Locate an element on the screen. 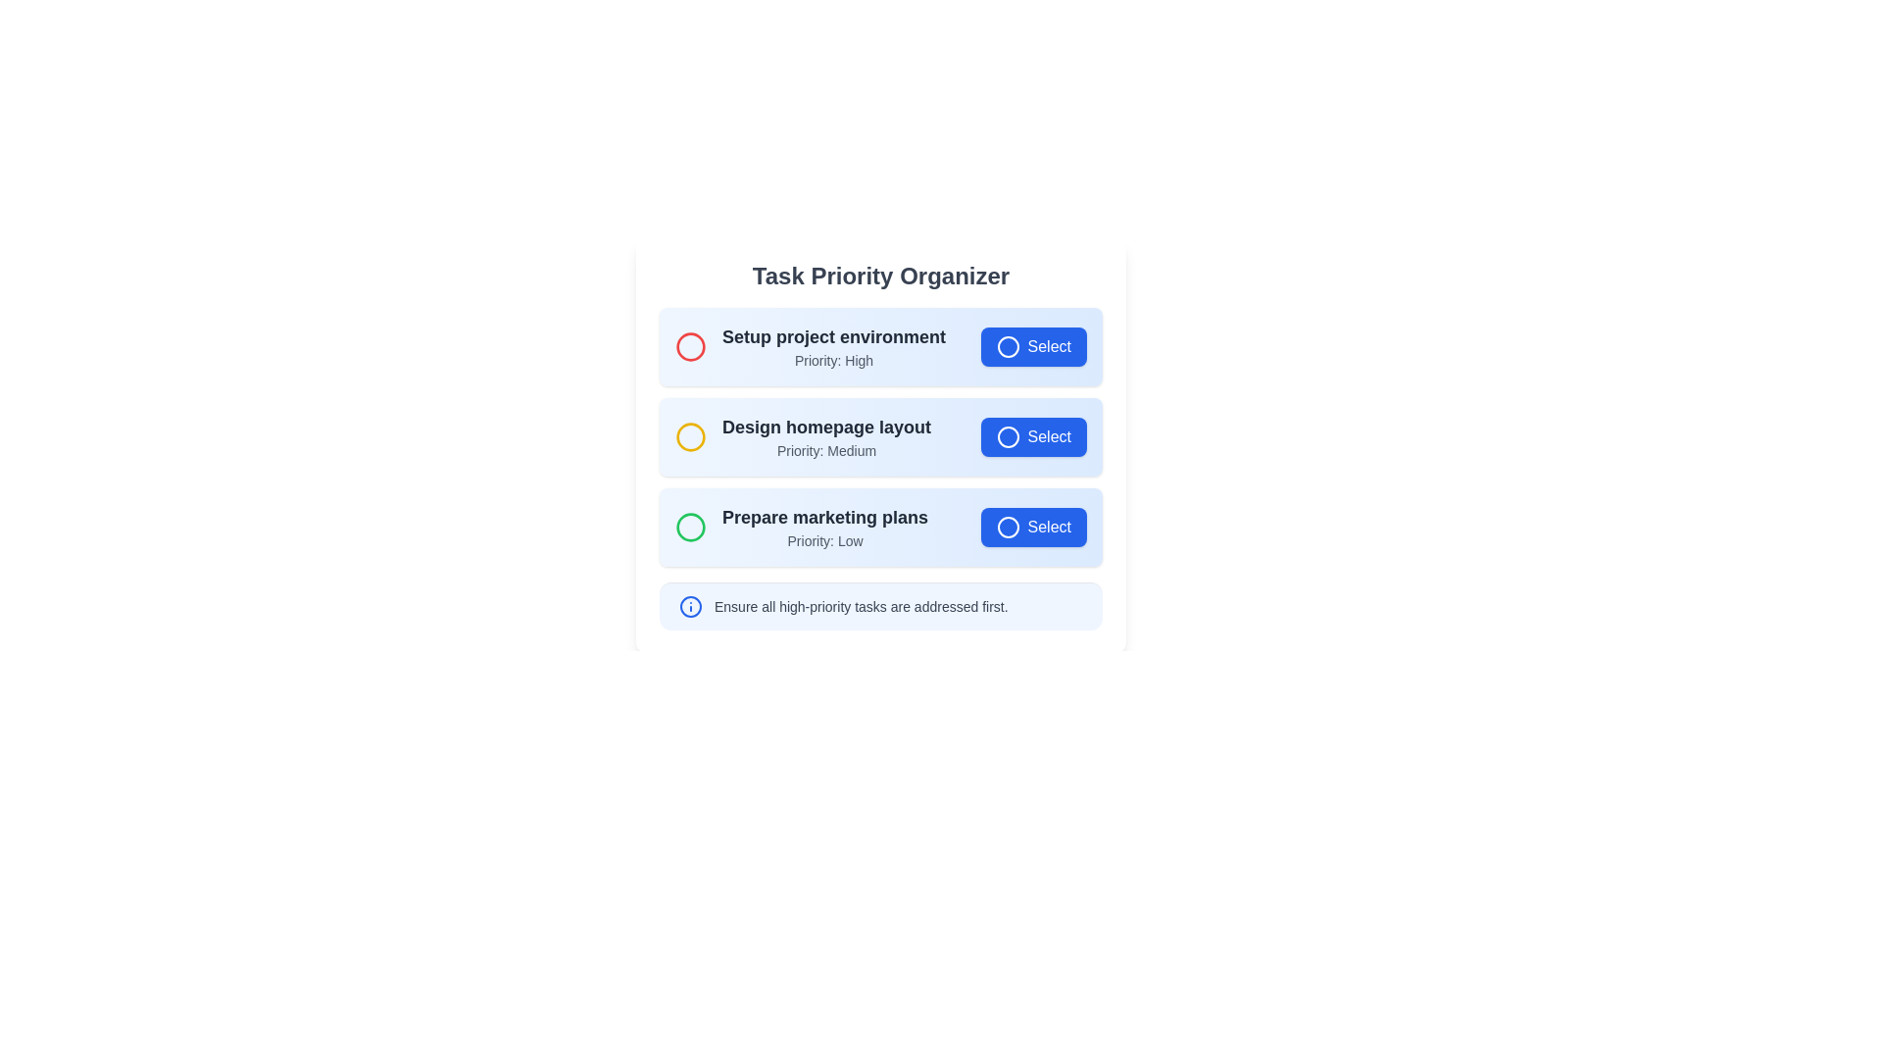 The image size is (1882, 1059). the circular icon with a red border adjacent to the title 'Setup project environment' in the task priority organizer is located at coordinates (691, 346).